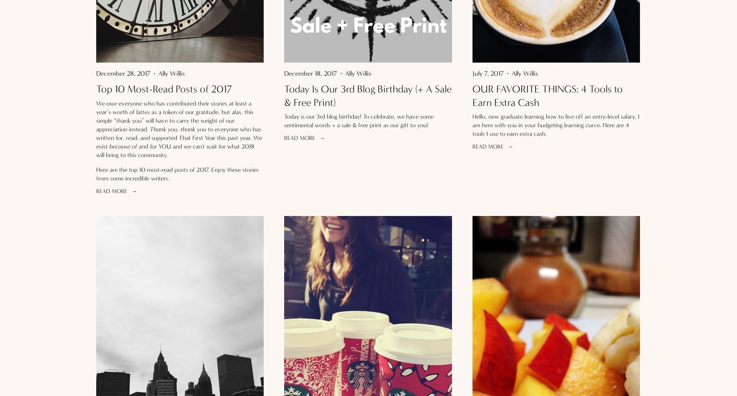 Image resolution: width=737 pixels, height=396 pixels. I want to click on 'and', so click(143, 146).